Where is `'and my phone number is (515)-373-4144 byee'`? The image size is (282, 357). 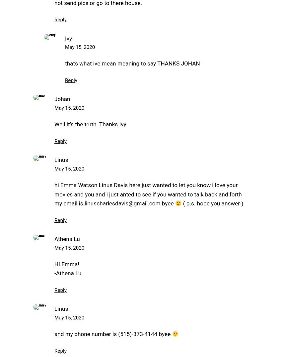
'and my phone number is (515)-373-4144 byee' is located at coordinates (113, 334).